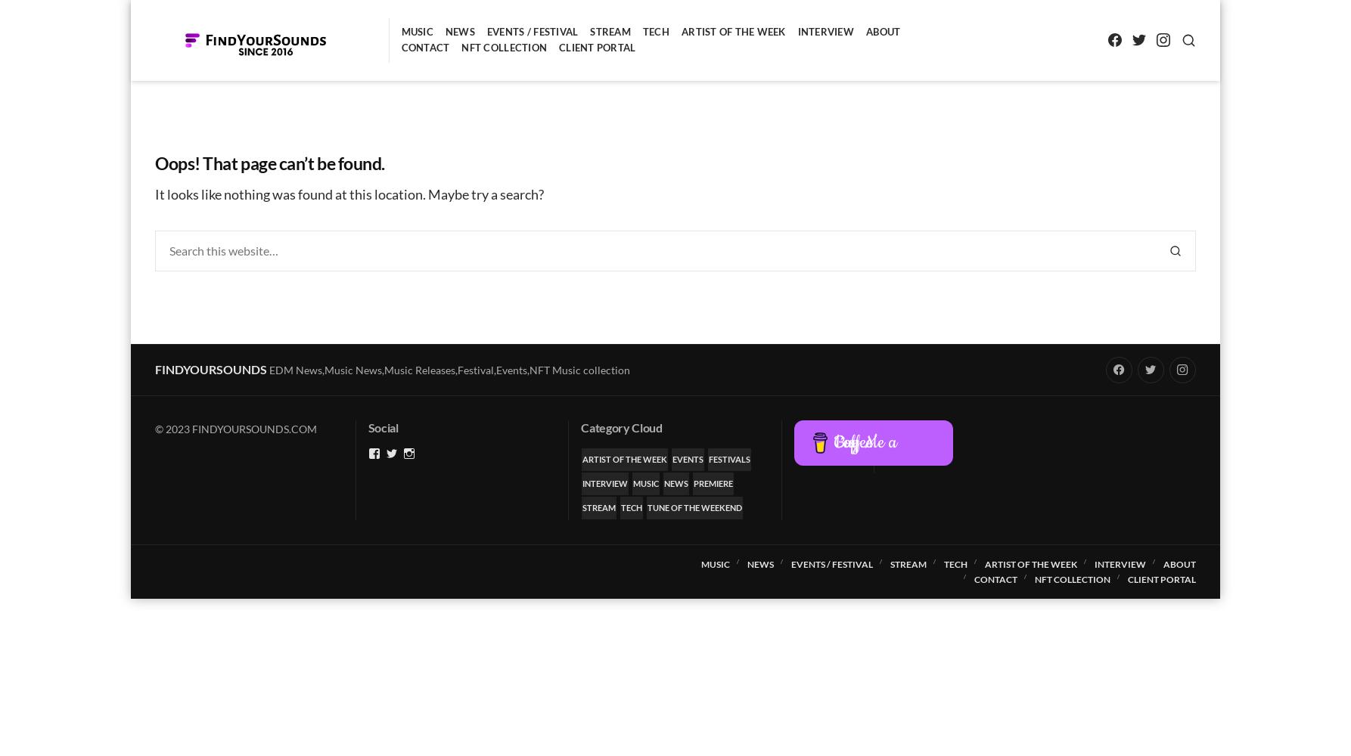 The height and width of the screenshot is (756, 1351). I want to click on 'Music', so click(645, 482).